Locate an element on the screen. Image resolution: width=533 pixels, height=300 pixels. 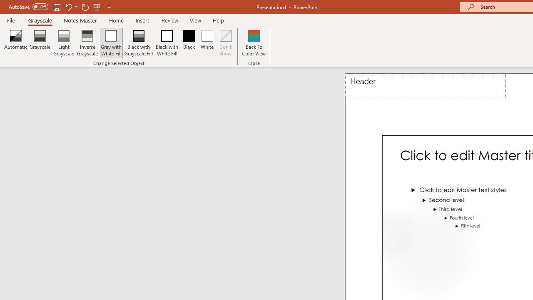
'Inverse Grayscale' is located at coordinates (87, 43).